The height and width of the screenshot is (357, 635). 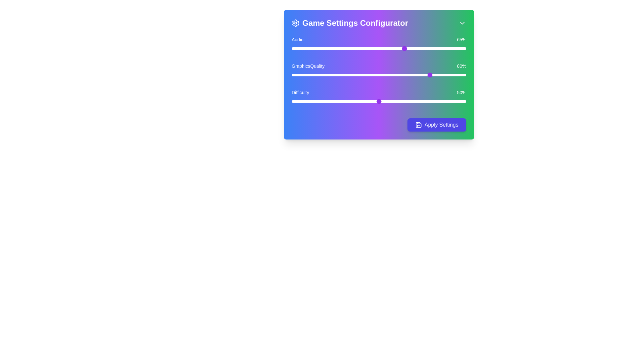 What do you see at coordinates (374, 75) in the screenshot?
I see `the Graphics Quality` at bounding box center [374, 75].